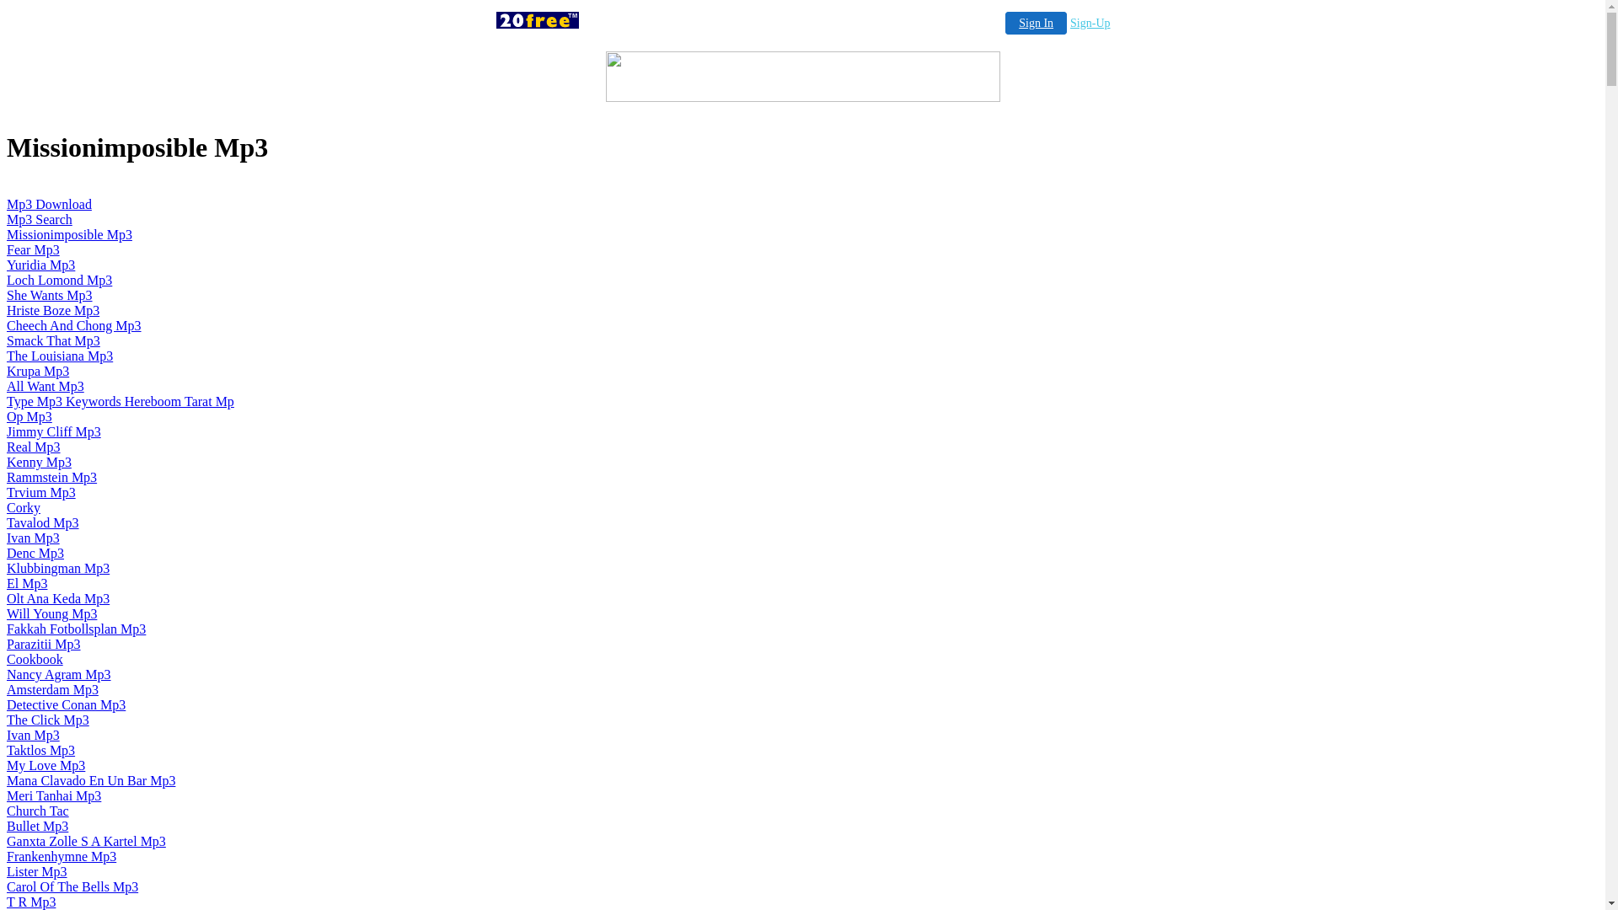 This screenshot has height=910, width=1618. Describe the element at coordinates (49, 294) in the screenshot. I see `'She Wants Mp3'` at that location.